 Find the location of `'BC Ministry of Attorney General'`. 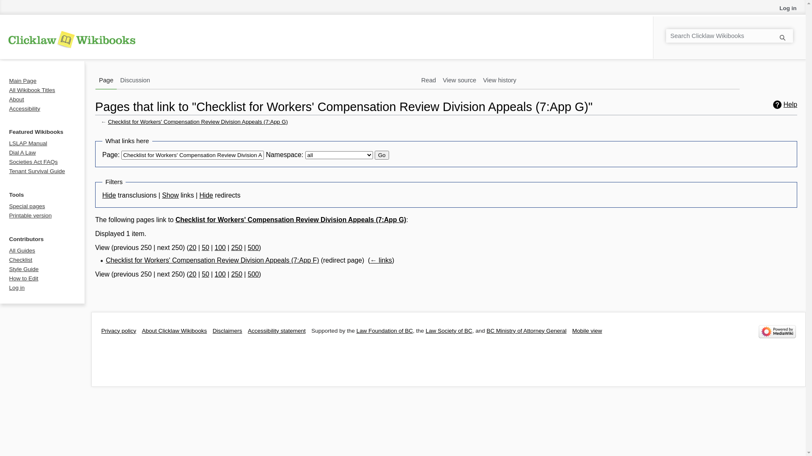

'BC Ministry of Attorney General' is located at coordinates (526, 330).